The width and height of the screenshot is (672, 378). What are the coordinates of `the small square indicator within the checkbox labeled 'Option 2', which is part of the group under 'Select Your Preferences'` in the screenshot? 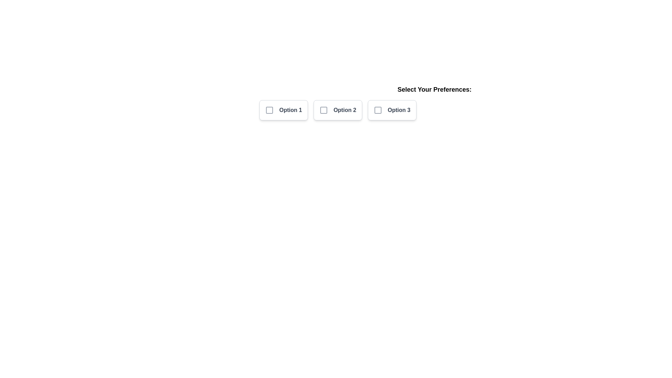 It's located at (323, 110).